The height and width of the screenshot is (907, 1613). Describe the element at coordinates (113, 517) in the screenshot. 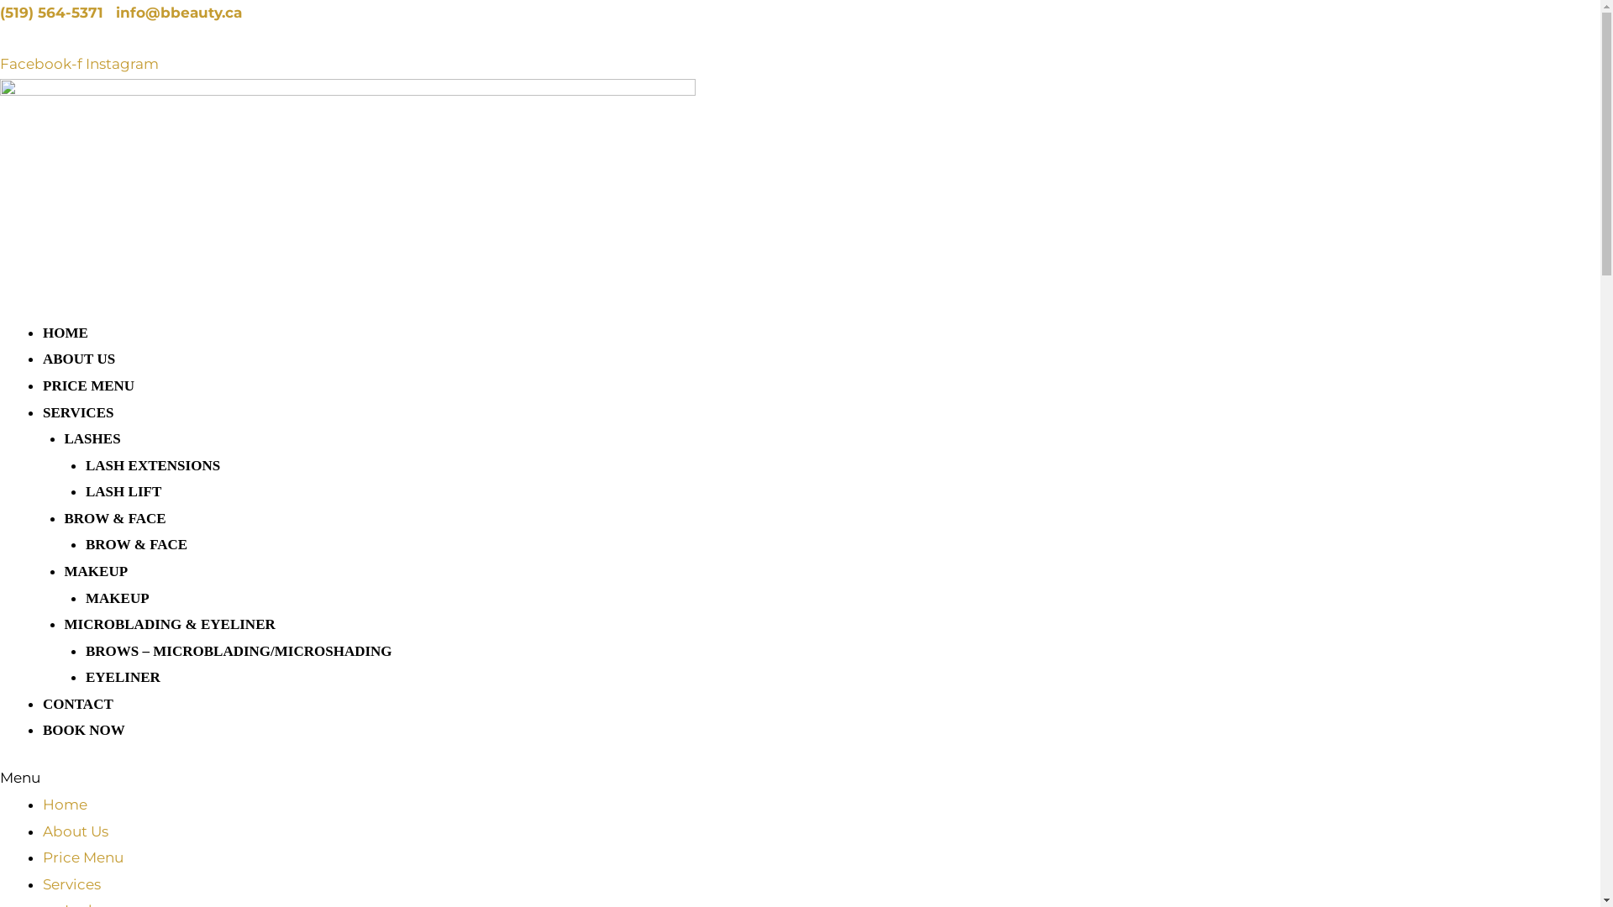

I see `'BROW & FACE'` at that location.